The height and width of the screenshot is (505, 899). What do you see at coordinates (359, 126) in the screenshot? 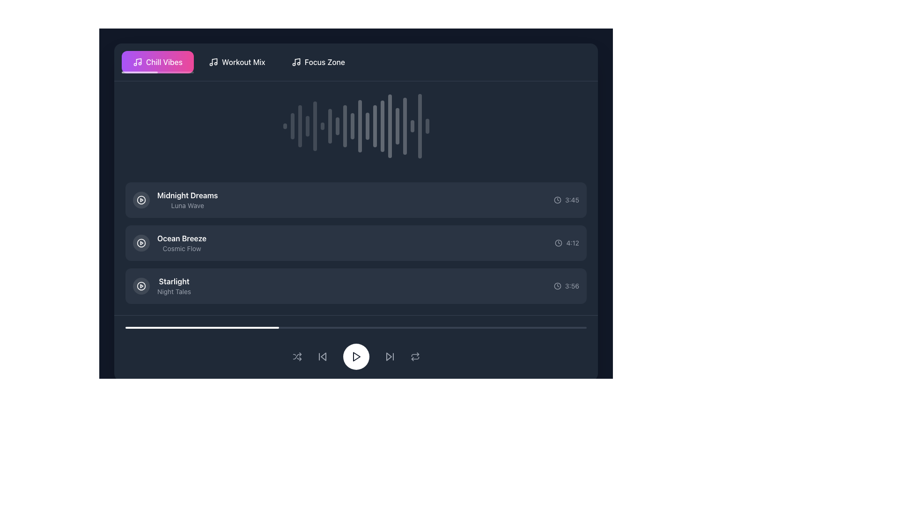
I see `the 11th bar in the audio level graphical representation, which is a non-interactive element visually indicating sound levels` at bounding box center [359, 126].